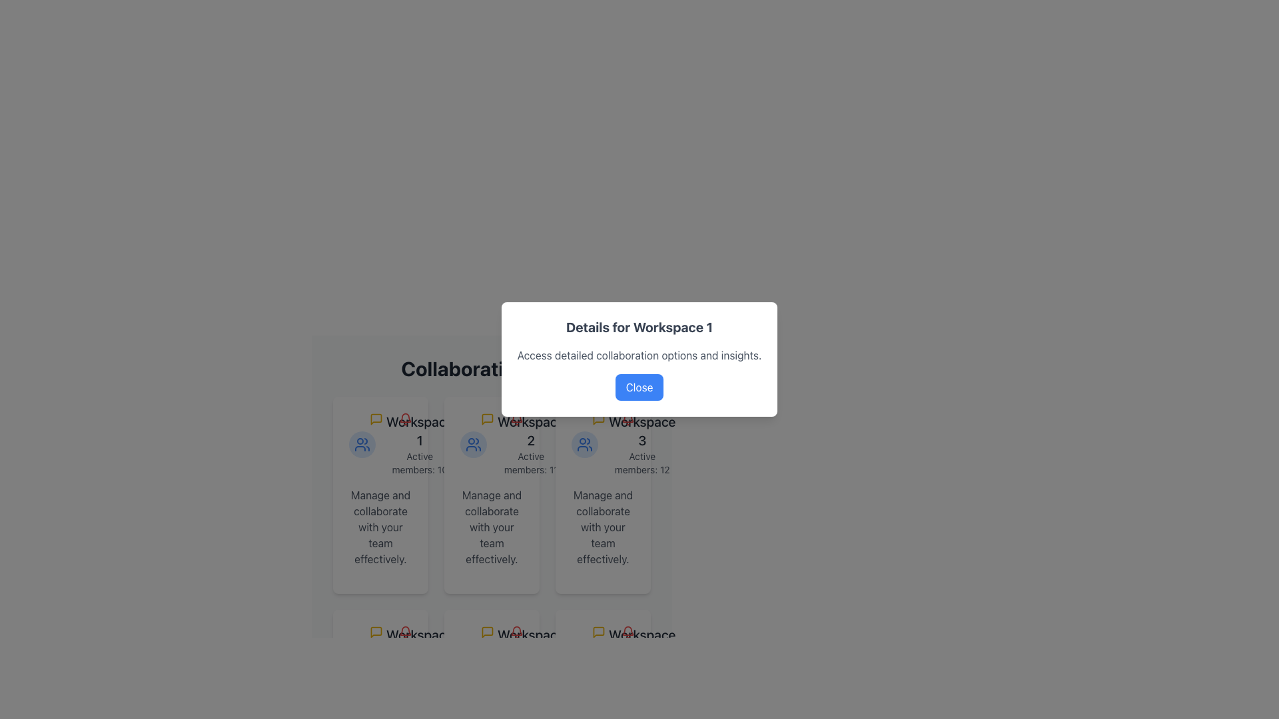 This screenshot has width=1279, height=719. I want to click on the header text that indicates collaboration and related options, which is located at the top of the section containing workspace cards, so click(491, 369).